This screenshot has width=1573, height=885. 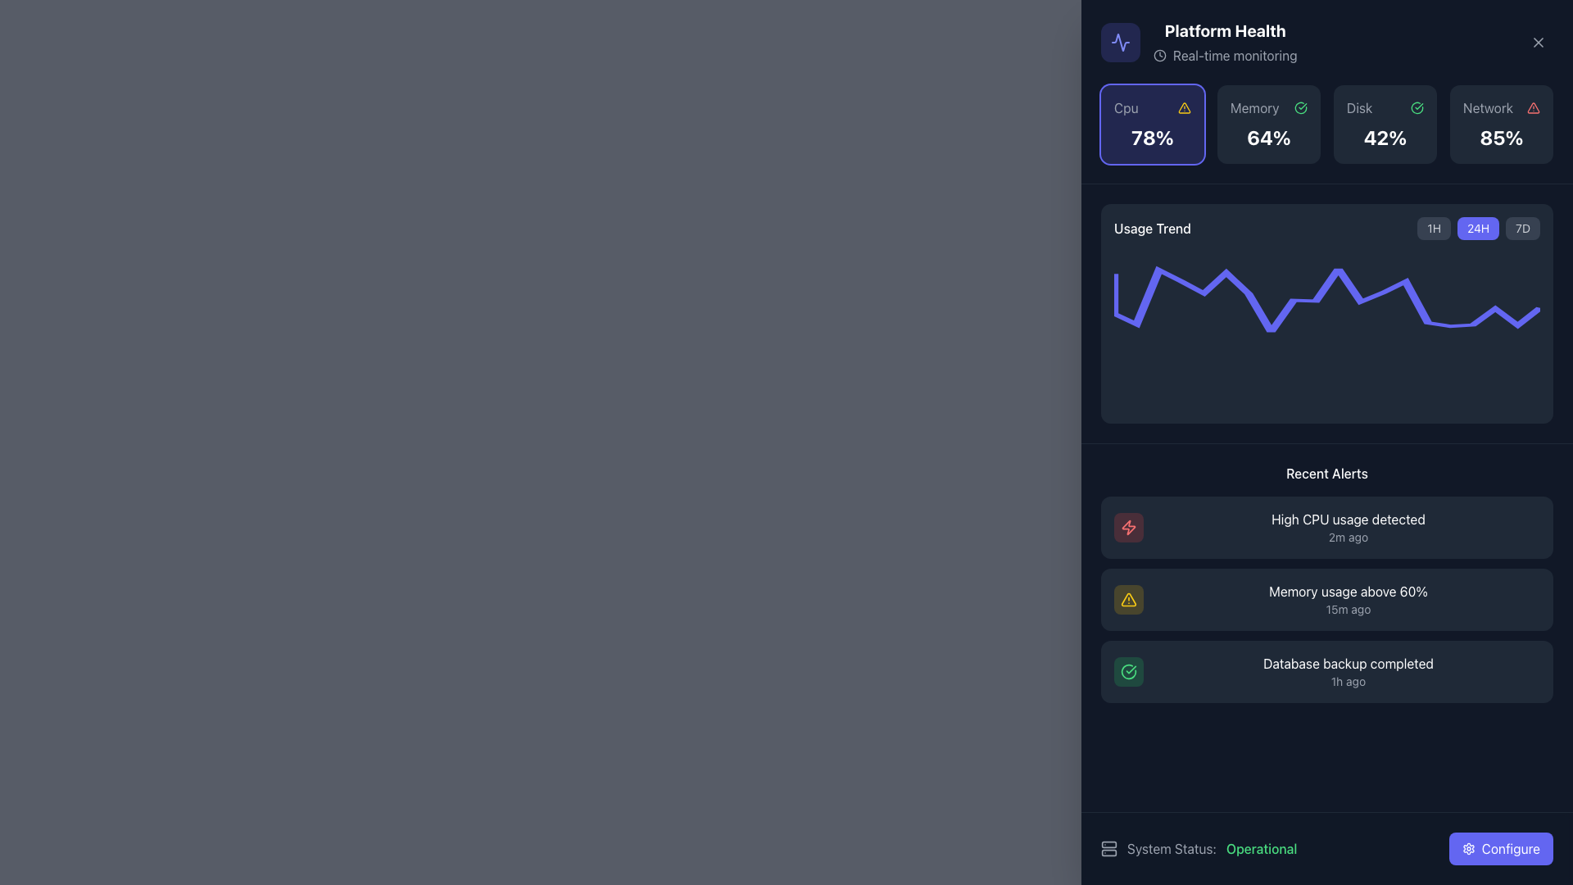 I want to click on displayed text 'Platform Health' from the text label located at the top of the side panel on the right-hand side of the interface, so click(x=1225, y=31).